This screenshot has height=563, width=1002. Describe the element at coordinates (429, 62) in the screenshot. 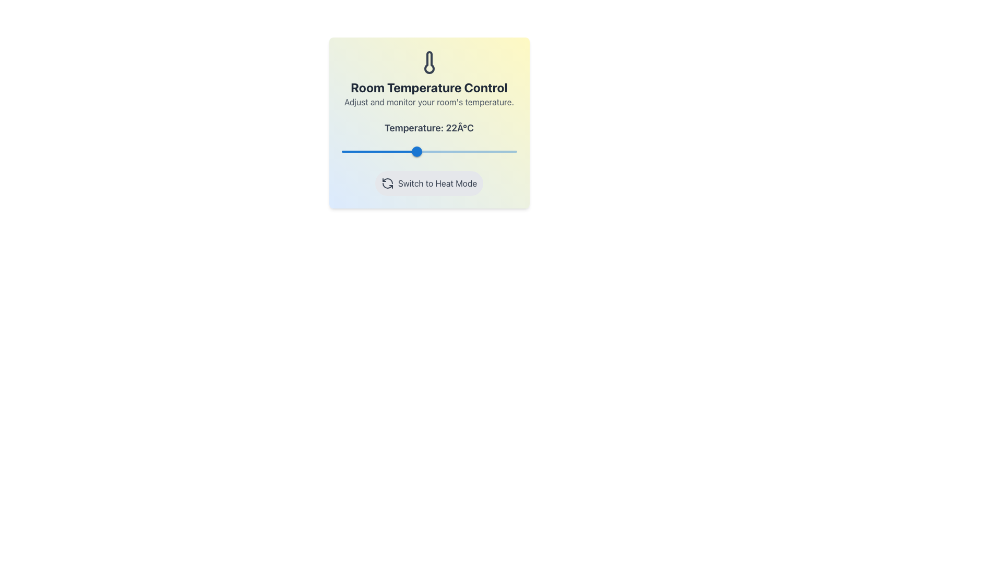

I see `the interior portion of the thermometer icon, which is located inside the thermometer icon at the top of the Room Temperature Control card` at that location.